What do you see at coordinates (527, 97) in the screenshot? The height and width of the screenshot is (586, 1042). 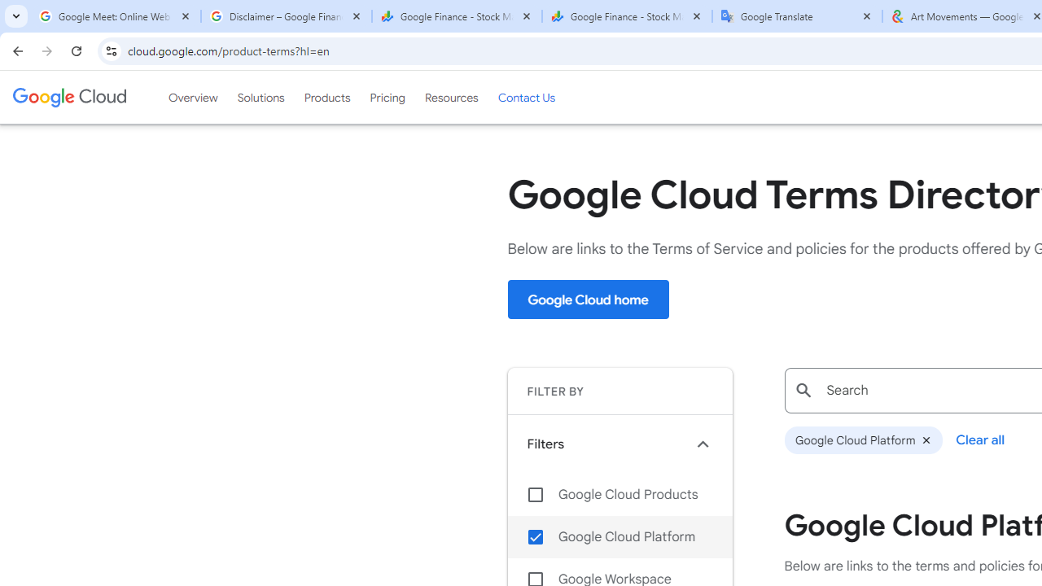 I see `'Contact Us'` at bounding box center [527, 97].